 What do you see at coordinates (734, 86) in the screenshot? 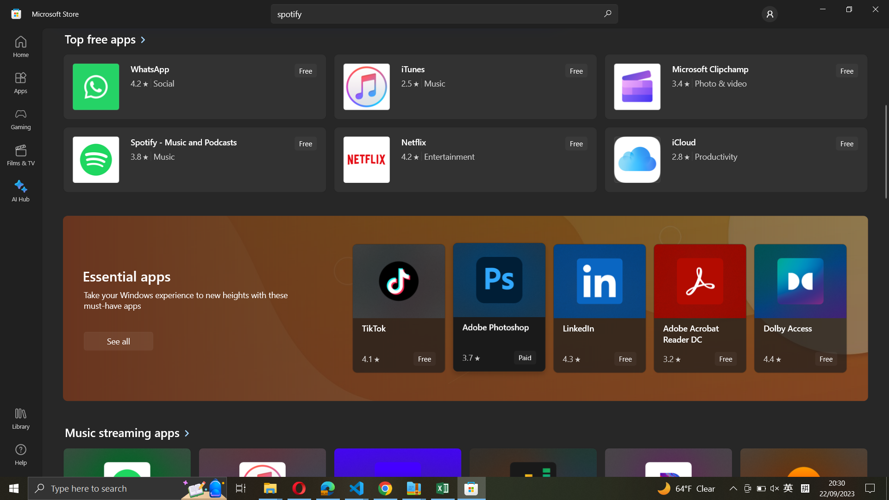
I see `Execute Microsoft Clipchamp` at bounding box center [734, 86].